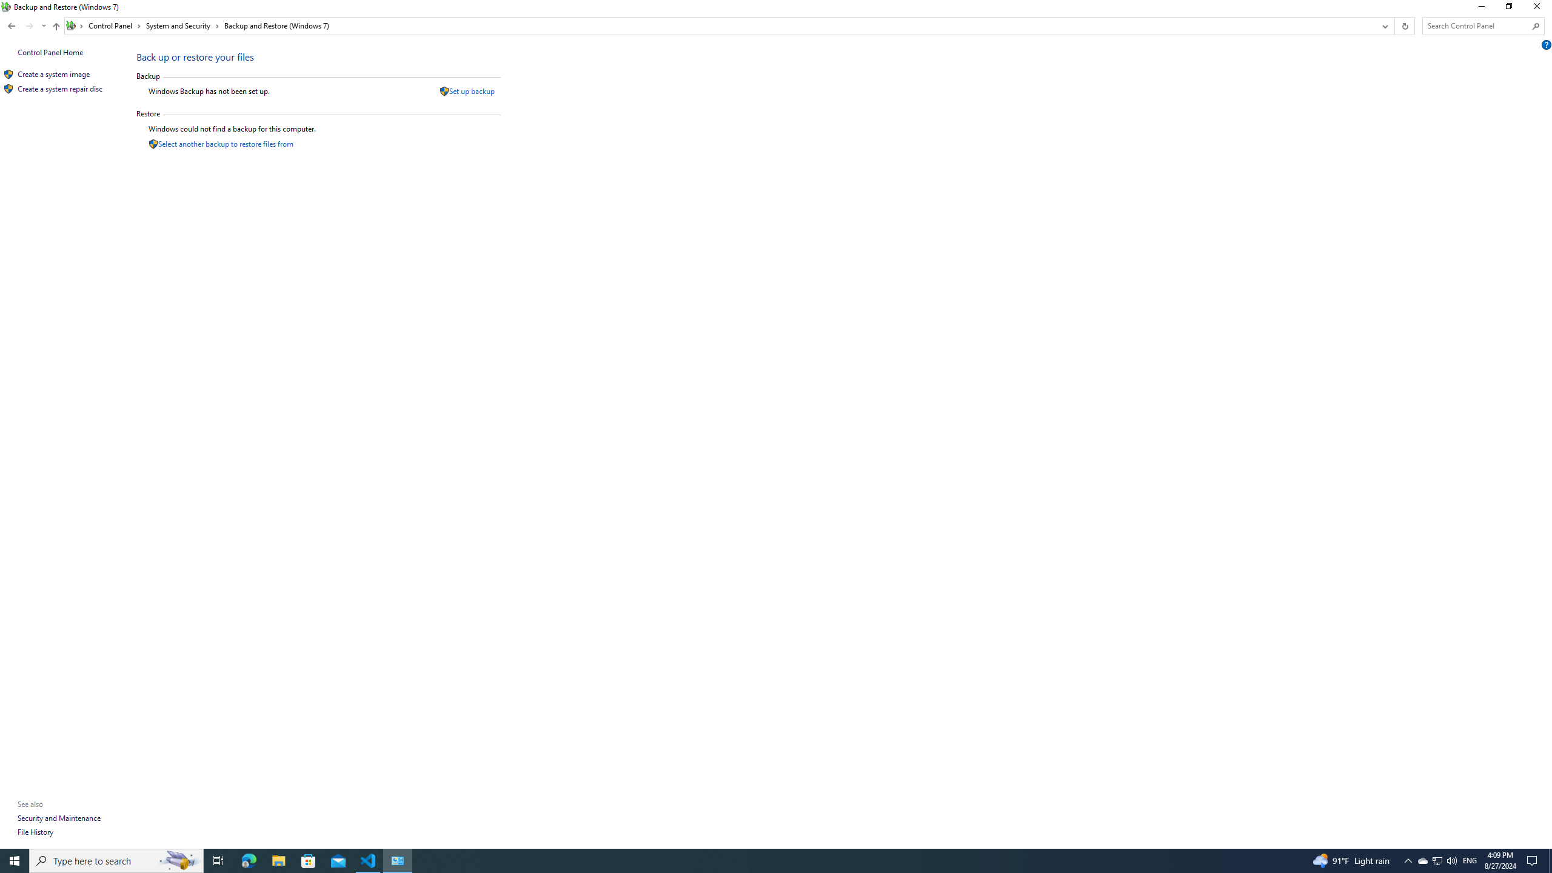 This screenshot has width=1552, height=873. Describe the element at coordinates (29, 25) in the screenshot. I see `'Forward (Alt + Right Arrow)'` at that location.